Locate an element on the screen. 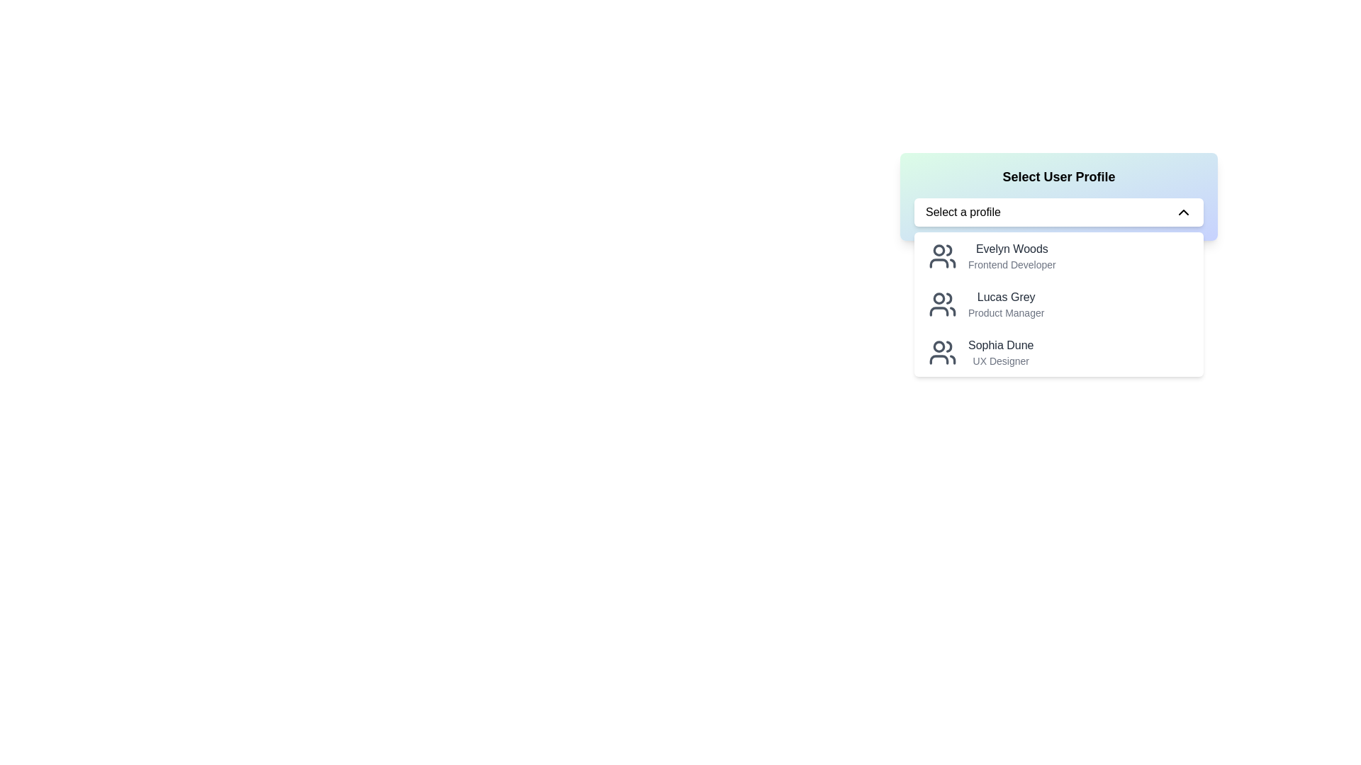  the first selectable user profile in the dropdown menu labeled 'Select User Profile' is located at coordinates (1011, 256).